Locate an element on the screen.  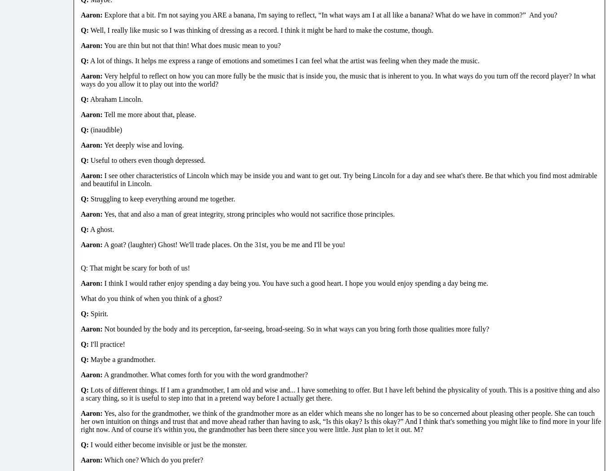
'Lots of different things. If I am a grandmother, I am old and wise and... I have something to offer. But I have left behind the physicality of youth. This is a positive thing and also a scary thing, so it is useful to step into that in a pretend way before I actually get there.' is located at coordinates (340, 393).